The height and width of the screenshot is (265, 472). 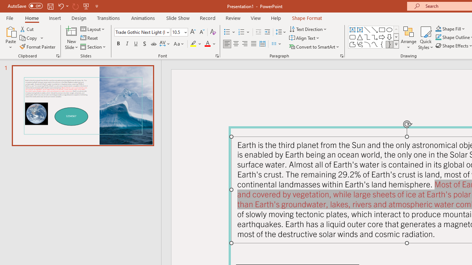 I want to click on 'AutomationID: ShapesInsertGallery', so click(x=374, y=37).